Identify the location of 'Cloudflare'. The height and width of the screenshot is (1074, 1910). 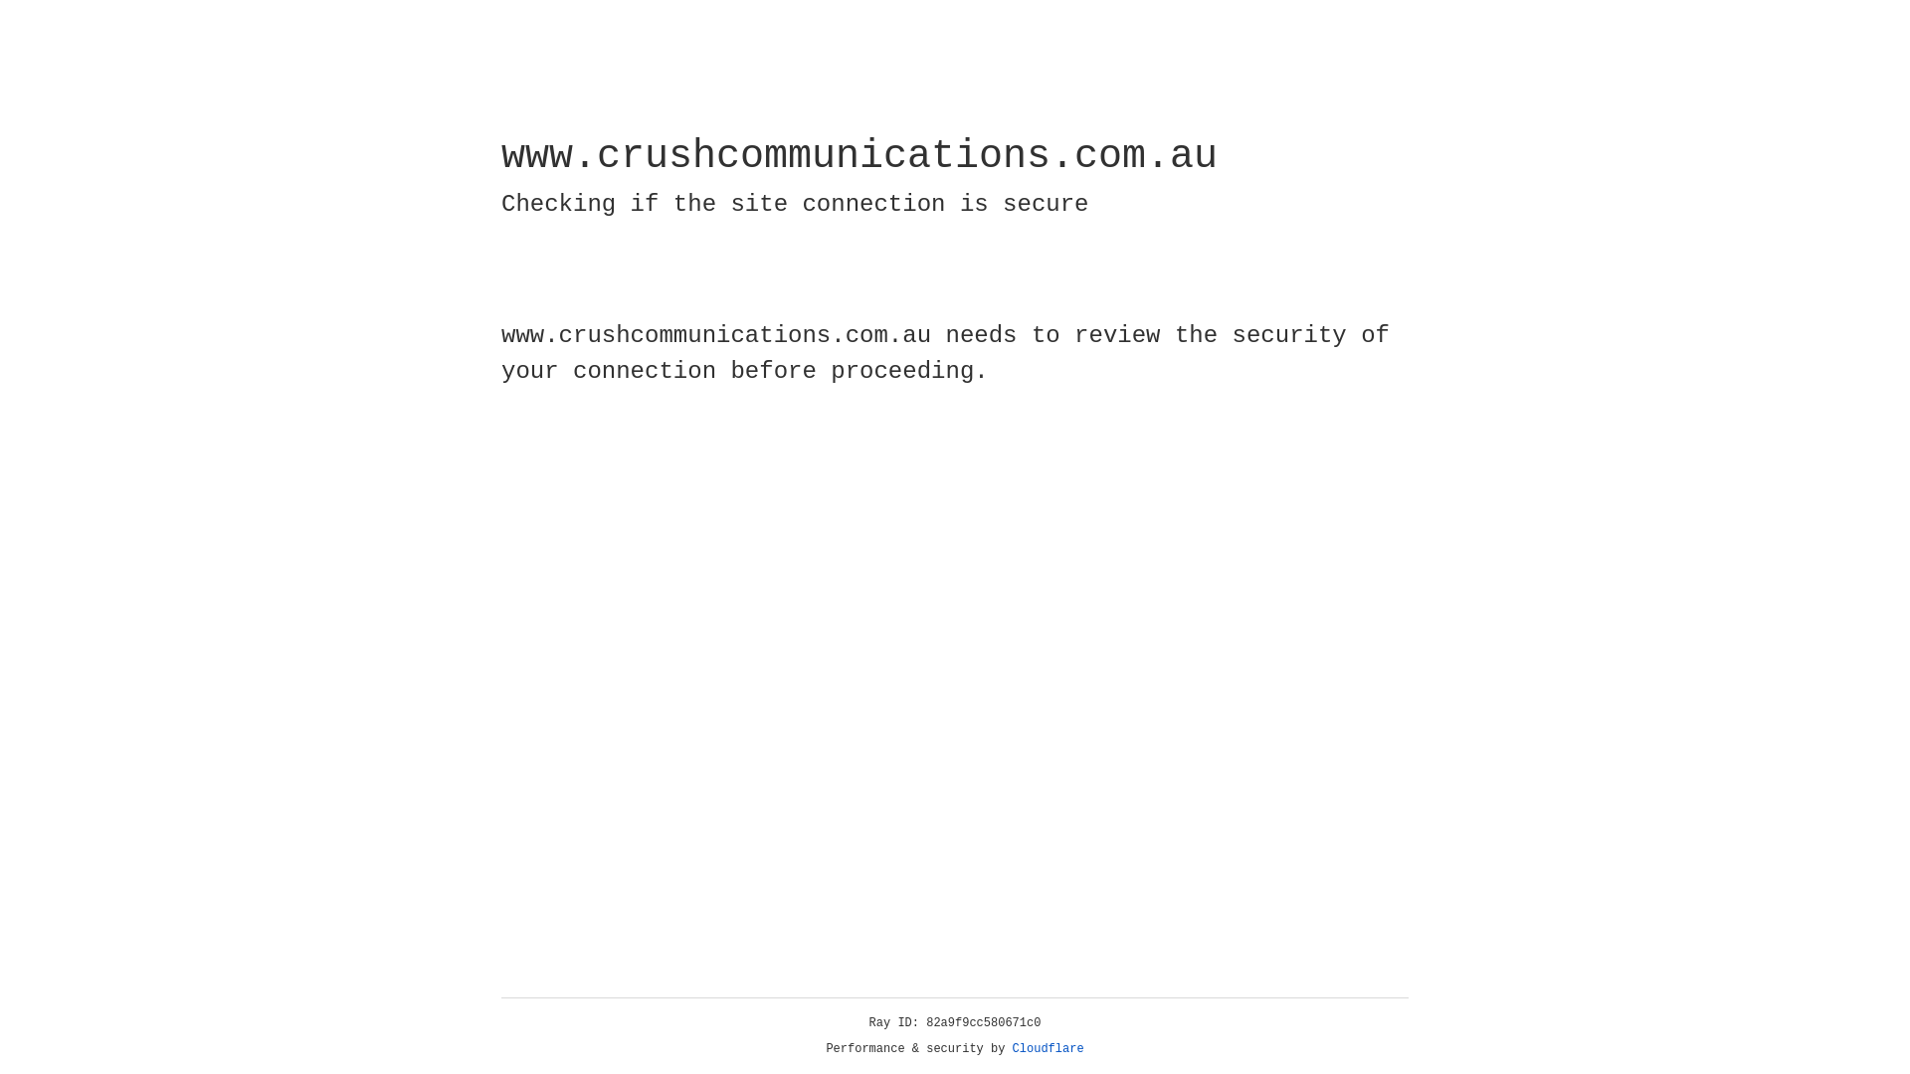
(1048, 1048).